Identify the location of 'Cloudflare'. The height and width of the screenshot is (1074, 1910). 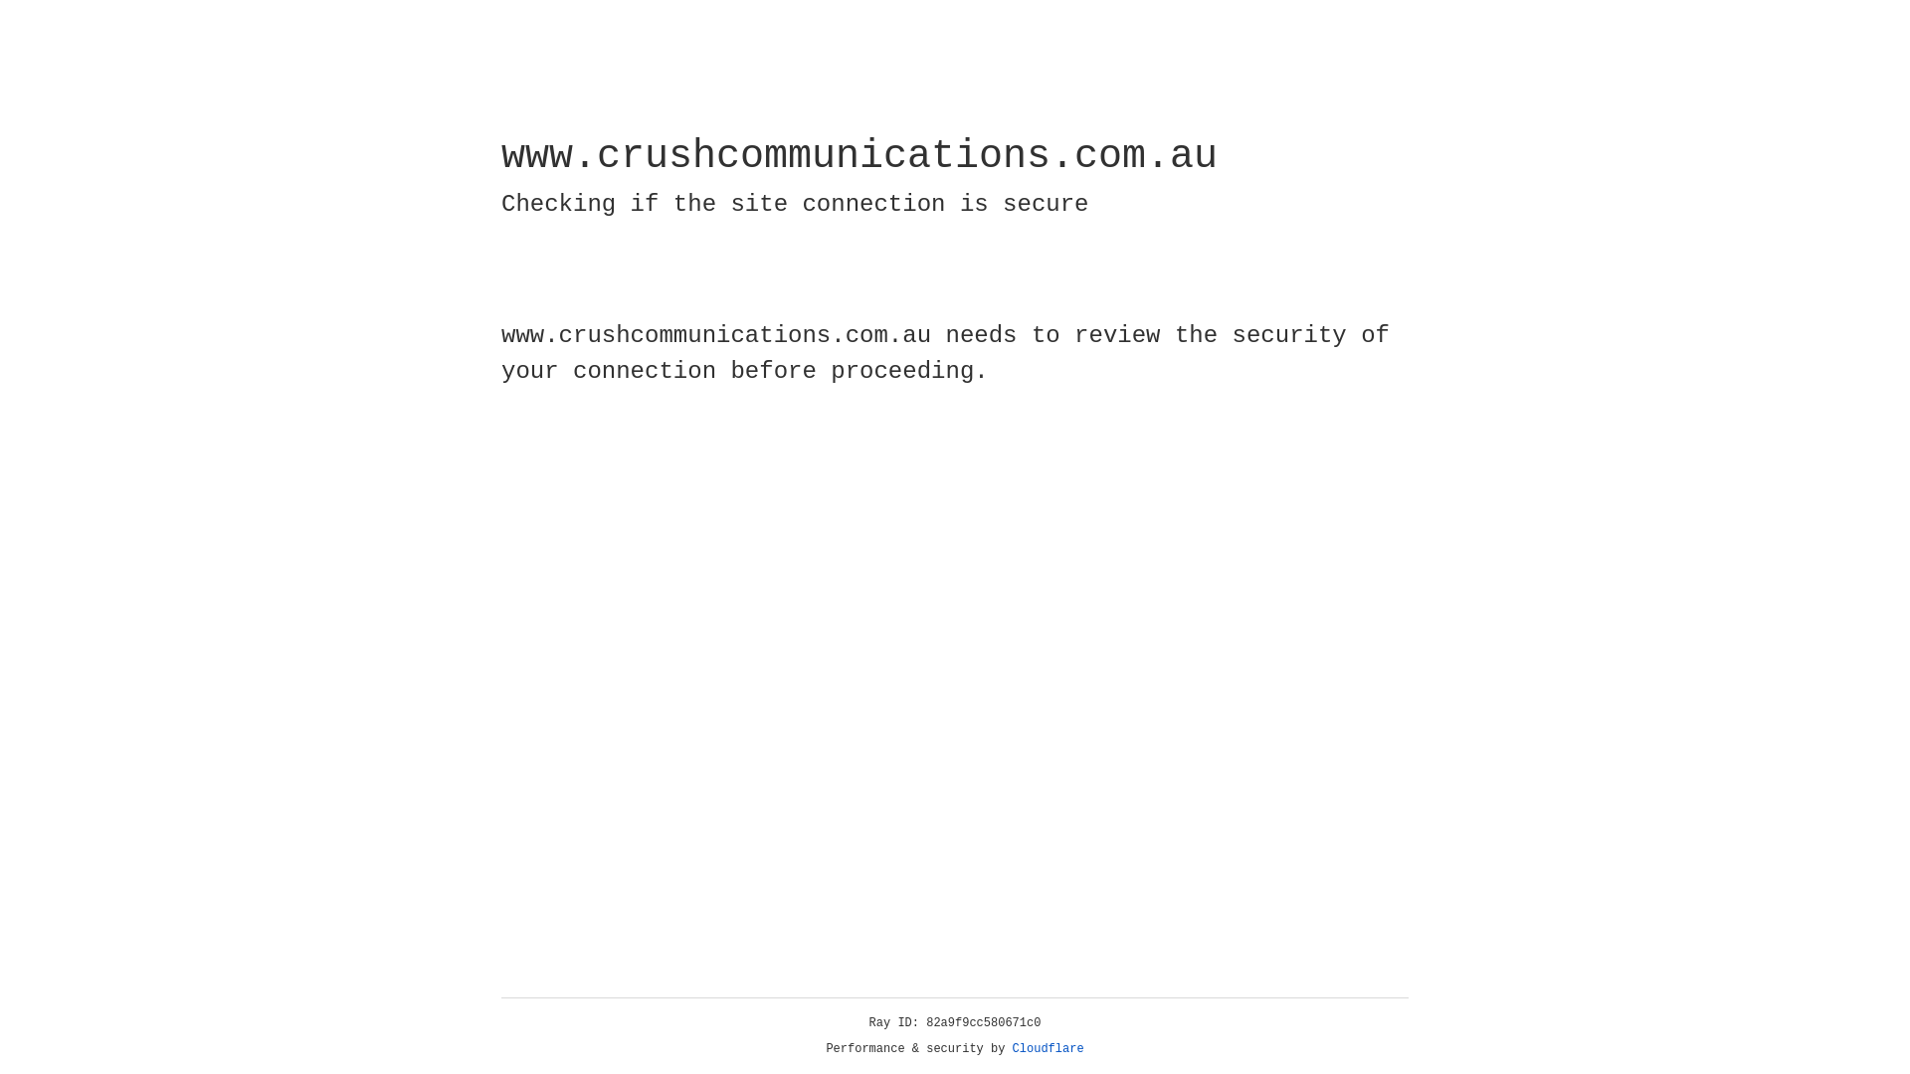
(1048, 1048).